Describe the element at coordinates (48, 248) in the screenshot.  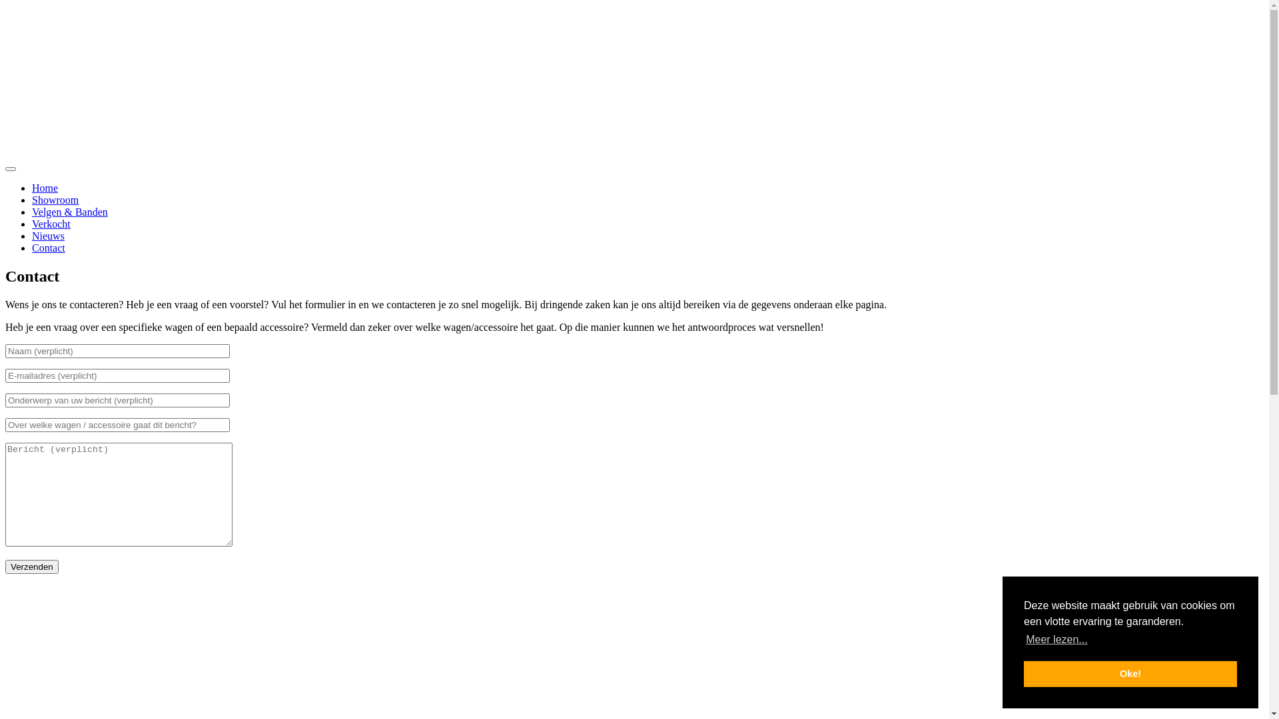
I see `'Contact'` at that location.